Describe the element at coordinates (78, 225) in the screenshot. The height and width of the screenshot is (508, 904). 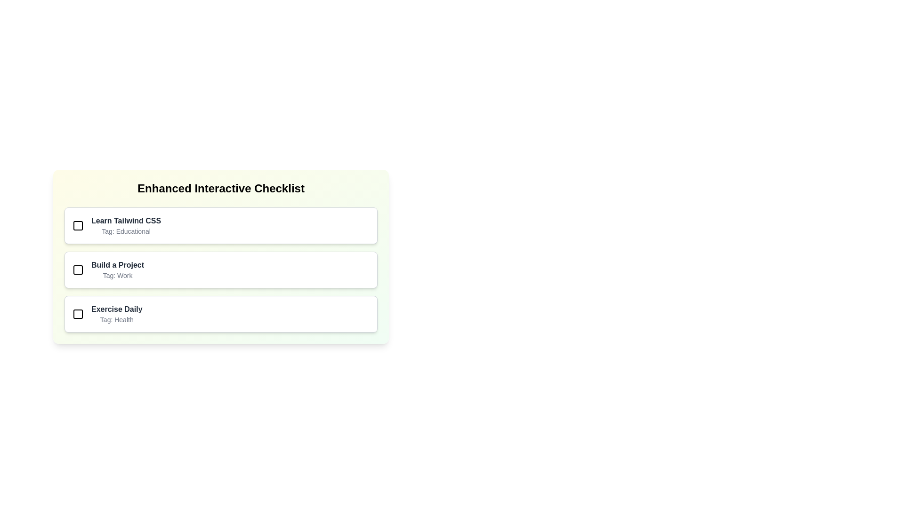
I see `the inner part of the checkbox associated with the task labeled 'Learn Tailwind CSS', which is the topmost checkbox in the vertically aligned list` at that location.